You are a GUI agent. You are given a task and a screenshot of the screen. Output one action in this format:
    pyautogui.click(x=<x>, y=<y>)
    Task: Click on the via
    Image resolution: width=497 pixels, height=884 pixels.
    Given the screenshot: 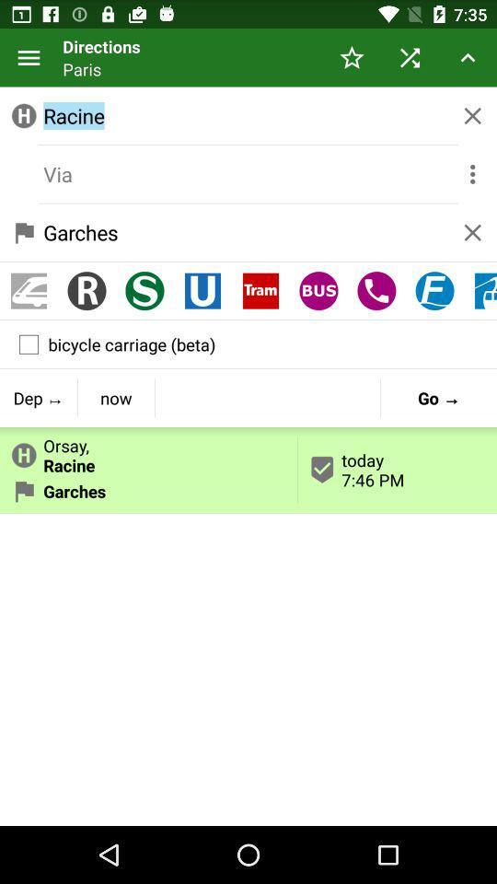 What is the action you would take?
    pyautogui.click(x=248, y=174)
    